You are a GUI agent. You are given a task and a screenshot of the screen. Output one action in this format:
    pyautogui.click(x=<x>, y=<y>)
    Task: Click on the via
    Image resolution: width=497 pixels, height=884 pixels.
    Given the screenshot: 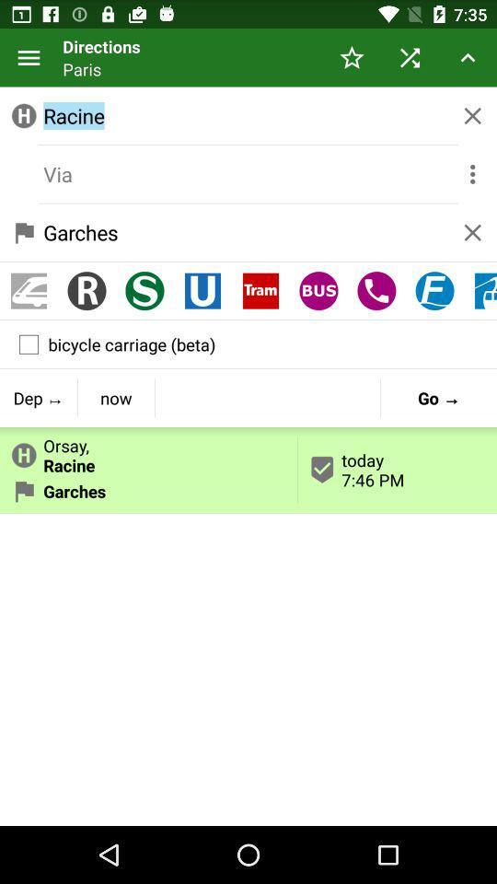 What is the action you would take?
    pyautogui.click(x=248, y=174)
    